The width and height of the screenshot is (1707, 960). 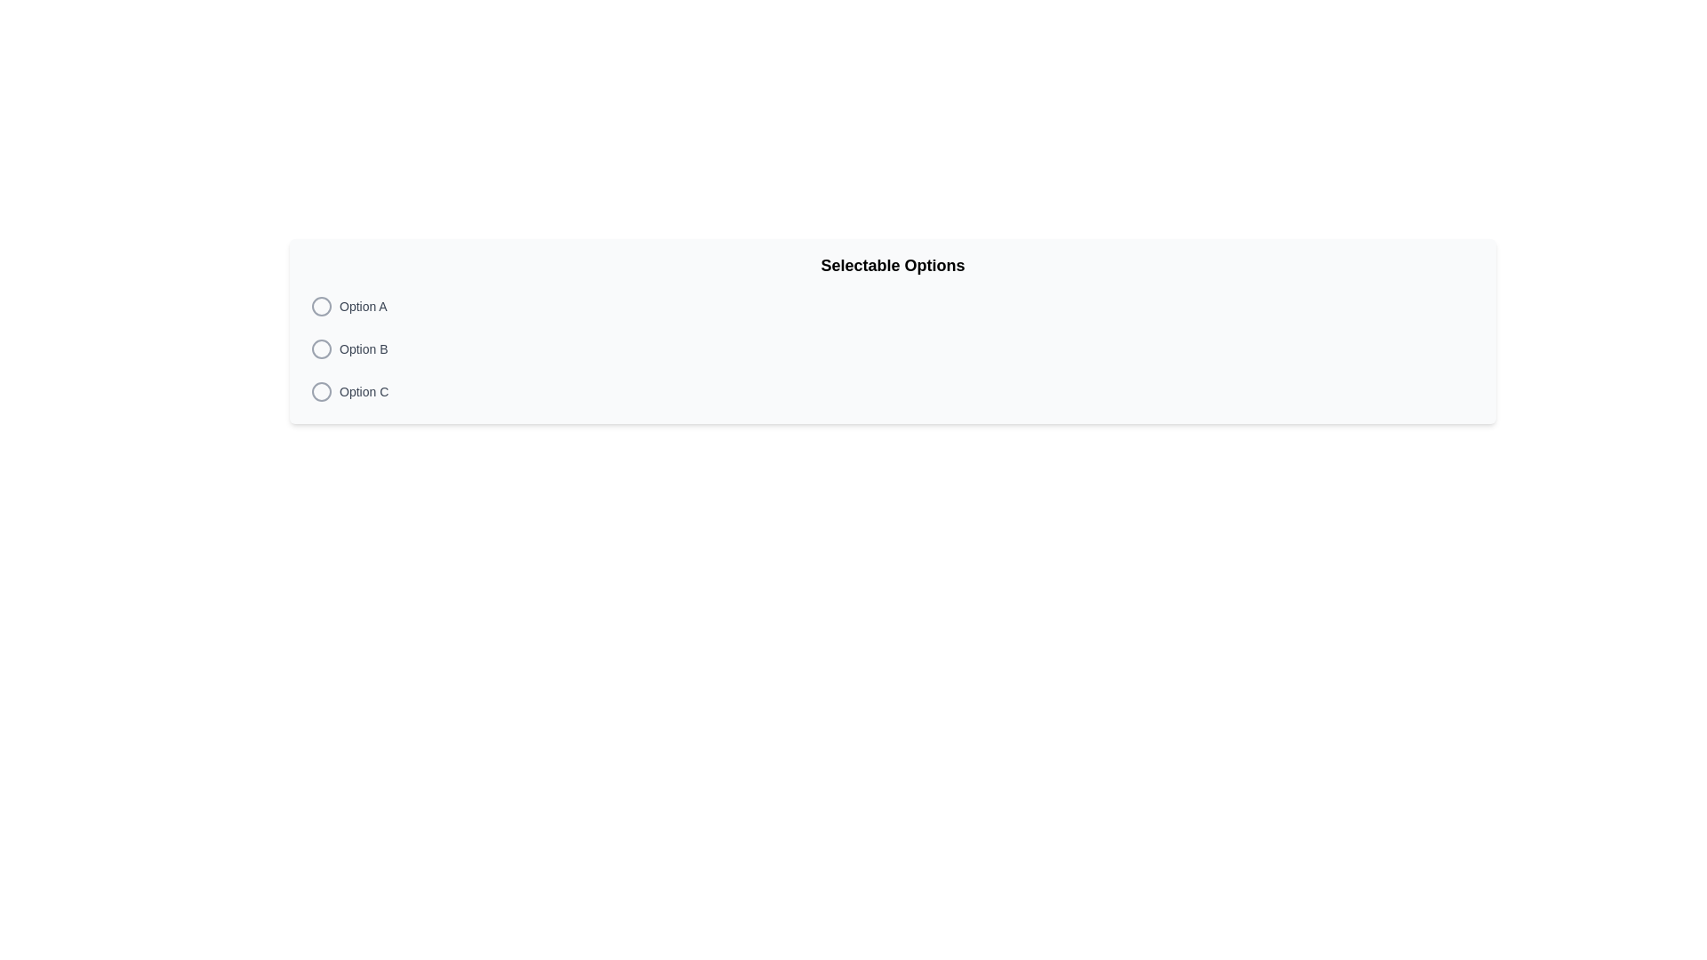 I want to click on the Text Label that describes 'Option A', which is the first selectable option in the list and is positioned to the right of the circular icon, so click(x=362, y=305).